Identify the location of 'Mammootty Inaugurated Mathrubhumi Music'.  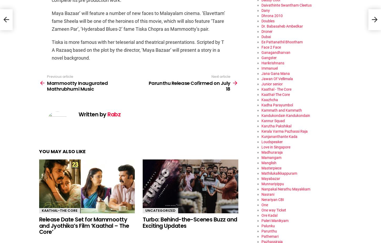
(77, 85).